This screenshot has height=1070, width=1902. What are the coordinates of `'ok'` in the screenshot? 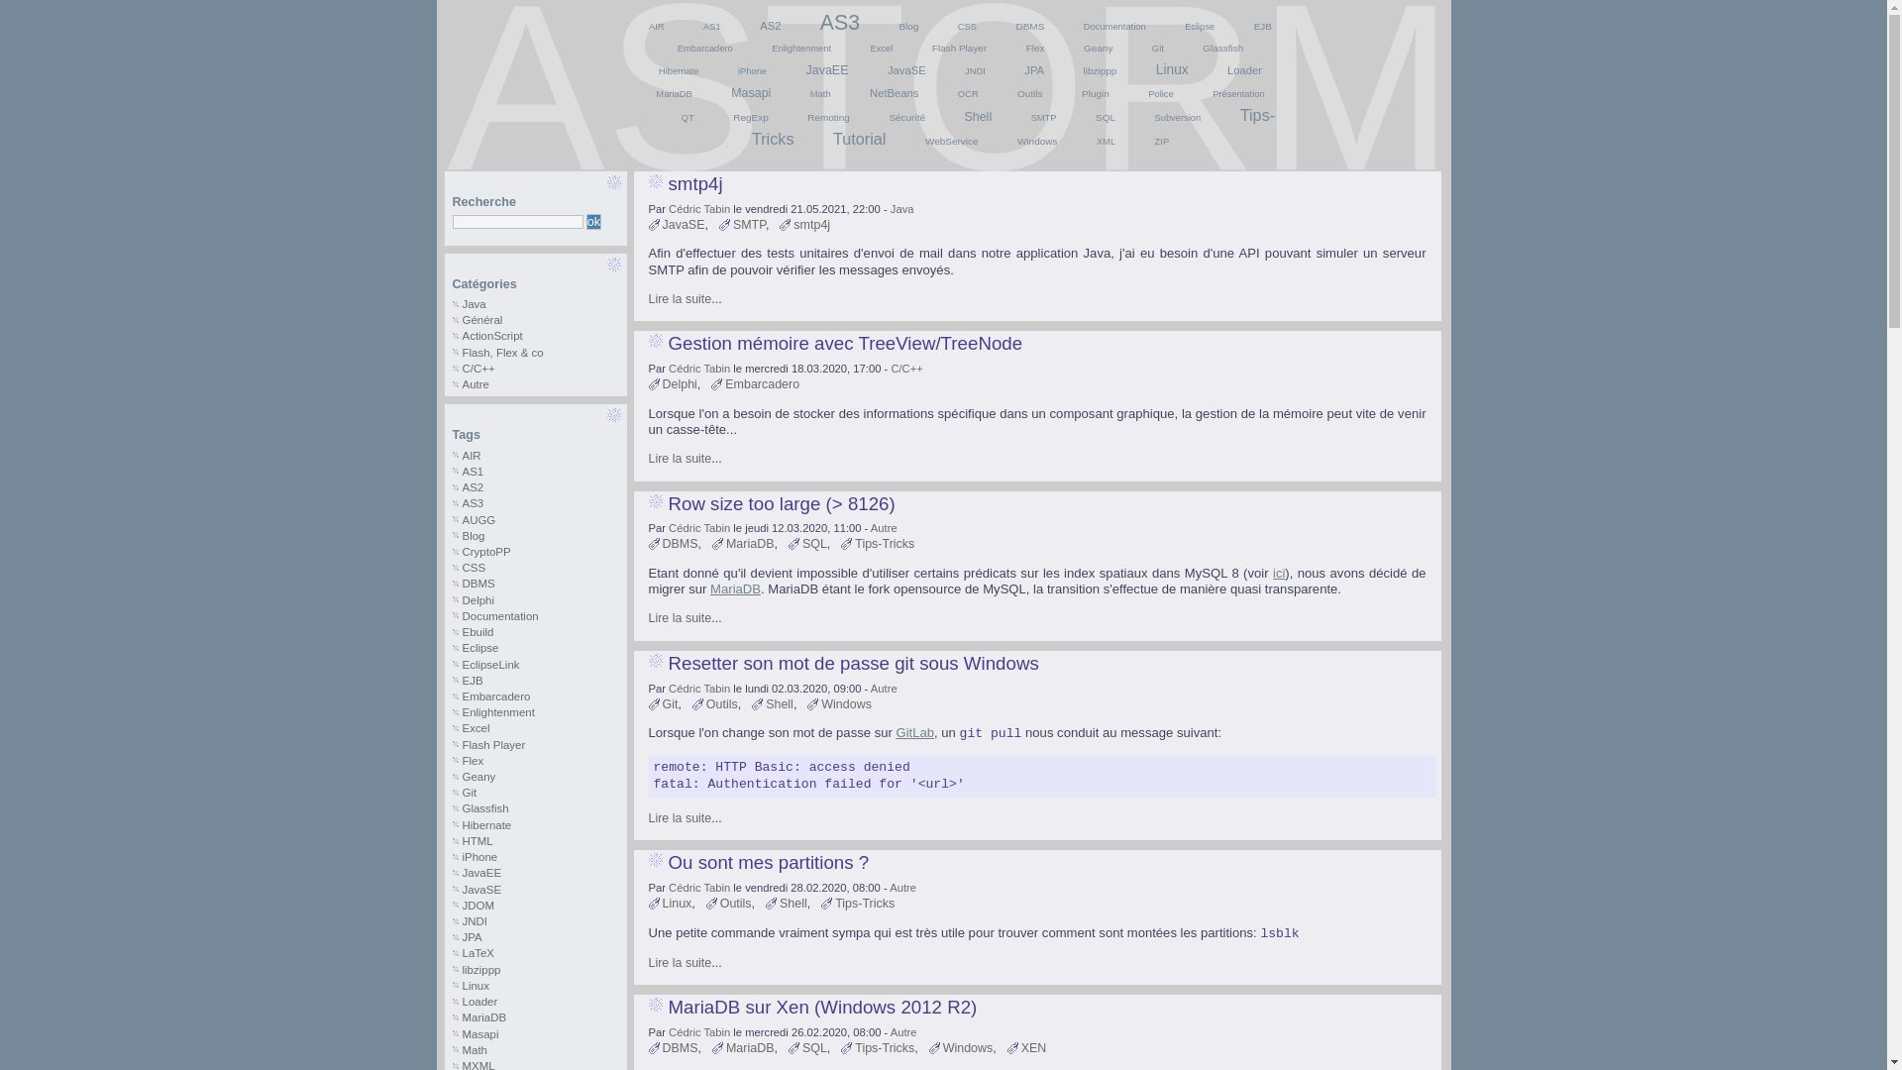 It's located at (592, 221).